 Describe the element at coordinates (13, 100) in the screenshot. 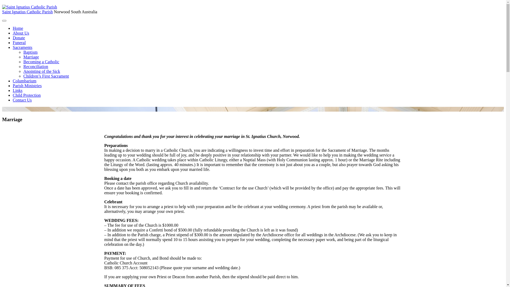

I see `'Contact Us'` at that location.